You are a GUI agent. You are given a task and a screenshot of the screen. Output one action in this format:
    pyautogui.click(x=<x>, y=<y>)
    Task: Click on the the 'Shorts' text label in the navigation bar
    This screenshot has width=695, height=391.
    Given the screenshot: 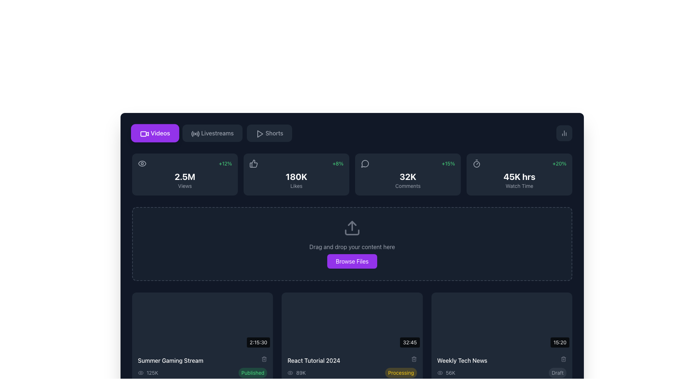 What is the action you would take?
    pyautogui.click(x=274, y=133)
    